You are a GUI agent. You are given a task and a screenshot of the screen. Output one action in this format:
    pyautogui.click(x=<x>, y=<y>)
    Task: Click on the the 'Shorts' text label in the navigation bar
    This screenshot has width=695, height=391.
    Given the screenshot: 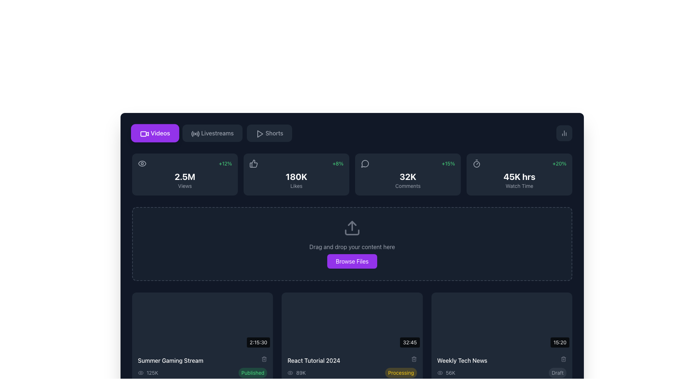 What is the action you would take?
    pyautogui.click(x=274, y=133)
    